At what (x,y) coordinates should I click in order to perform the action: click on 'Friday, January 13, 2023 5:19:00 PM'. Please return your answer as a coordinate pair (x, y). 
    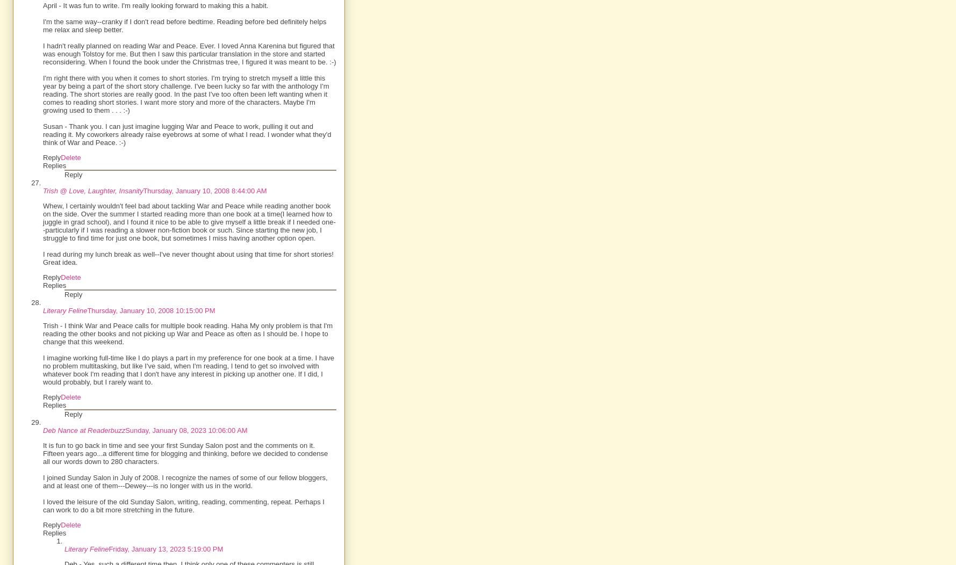
    Looking at the image, I should click on (108, 548).